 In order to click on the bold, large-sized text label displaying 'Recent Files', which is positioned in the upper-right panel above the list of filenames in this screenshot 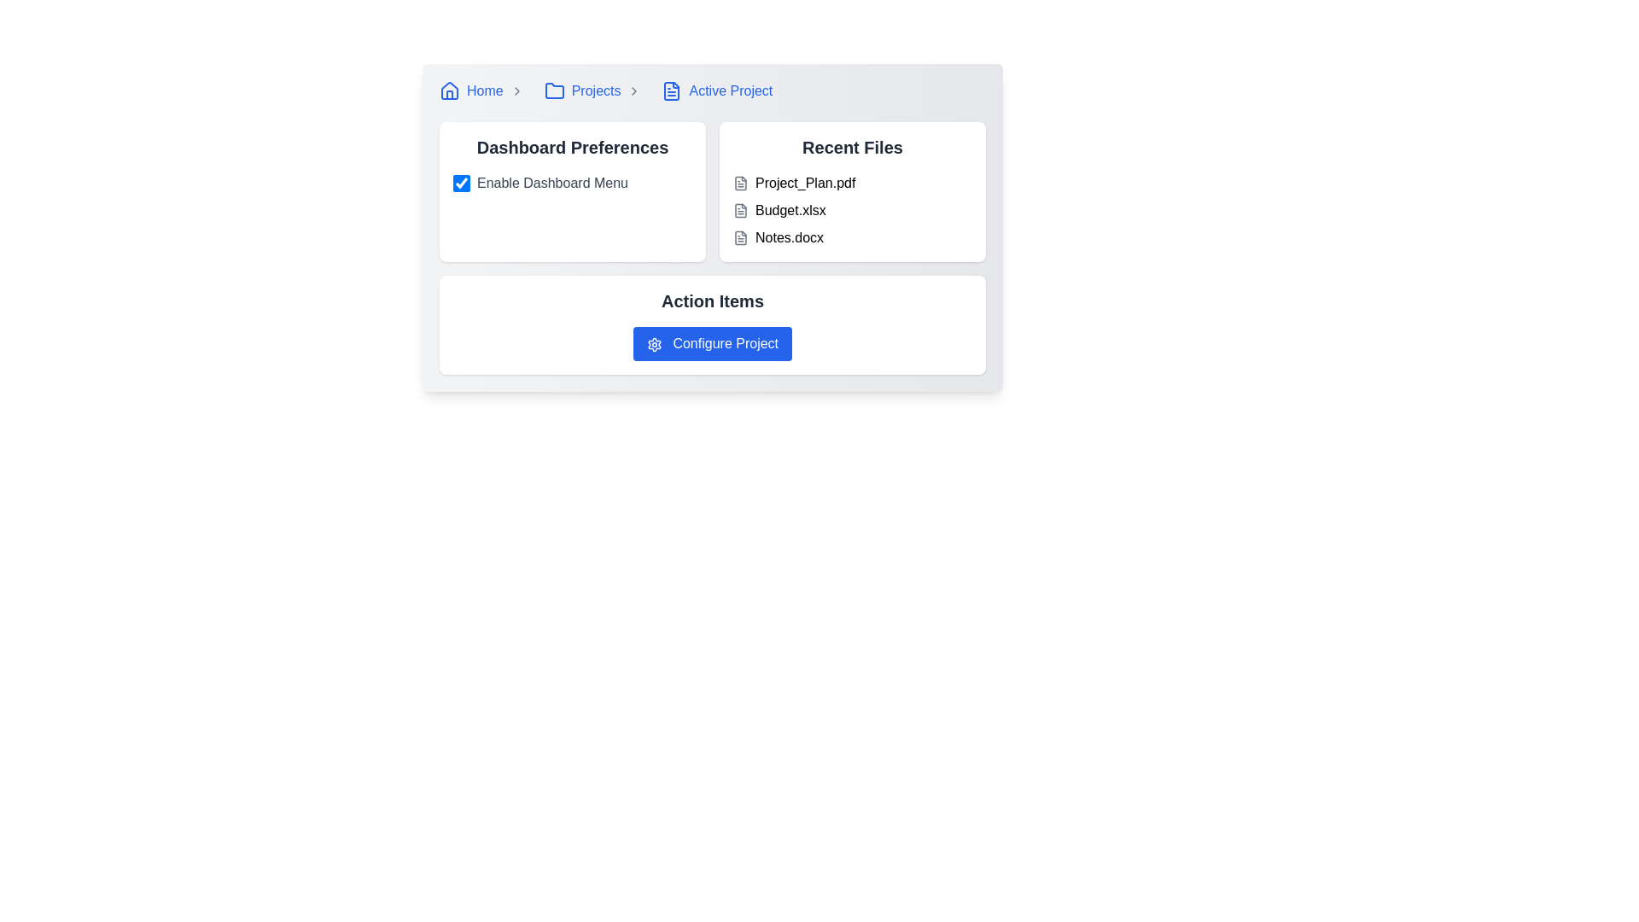, I will do `click(852, 147)`.